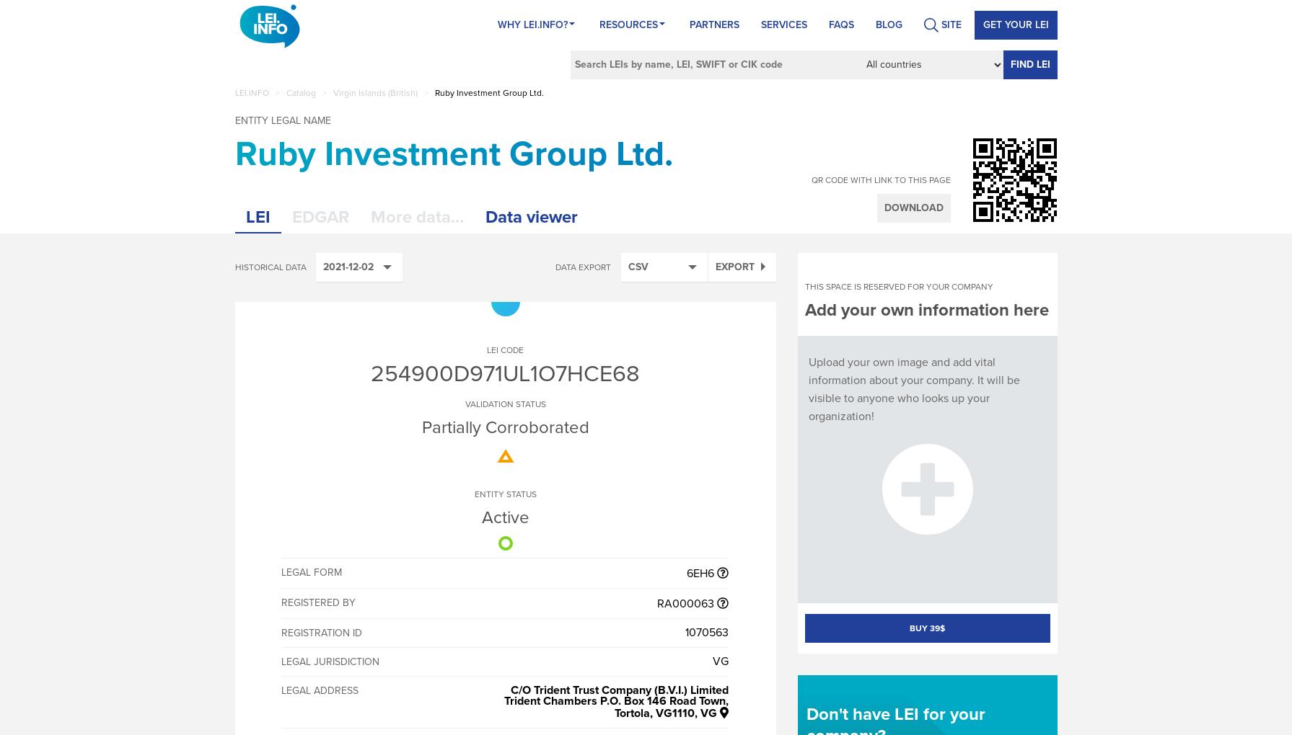 The height and width of the screenshot is (735, 1292). I want to click on 'PLAIN TEXT', so click(654, 469).